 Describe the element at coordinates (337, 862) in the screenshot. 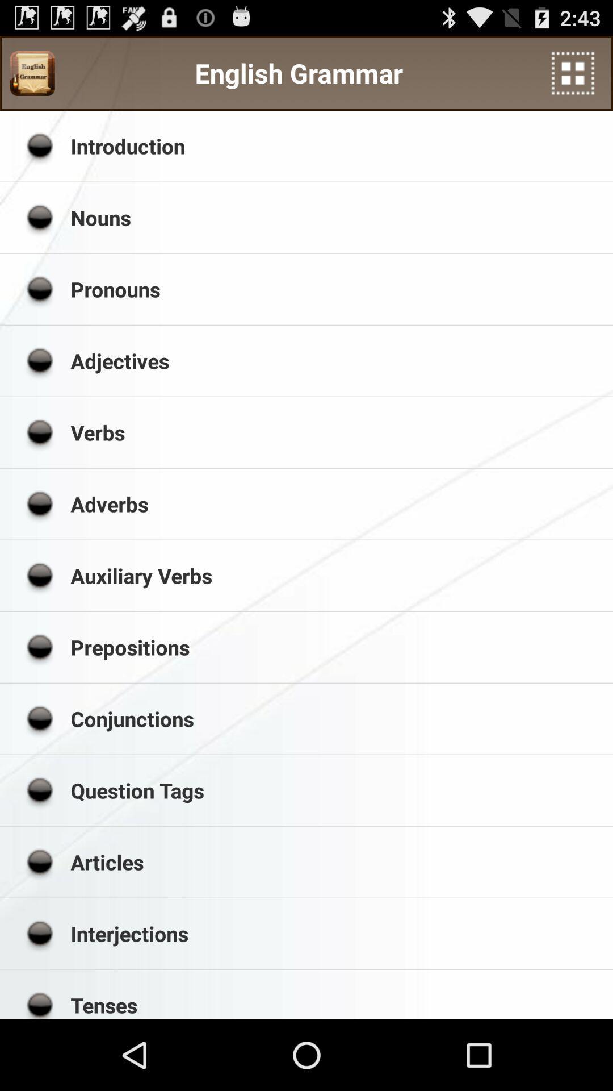

I see `the app above interjections item` at that location.